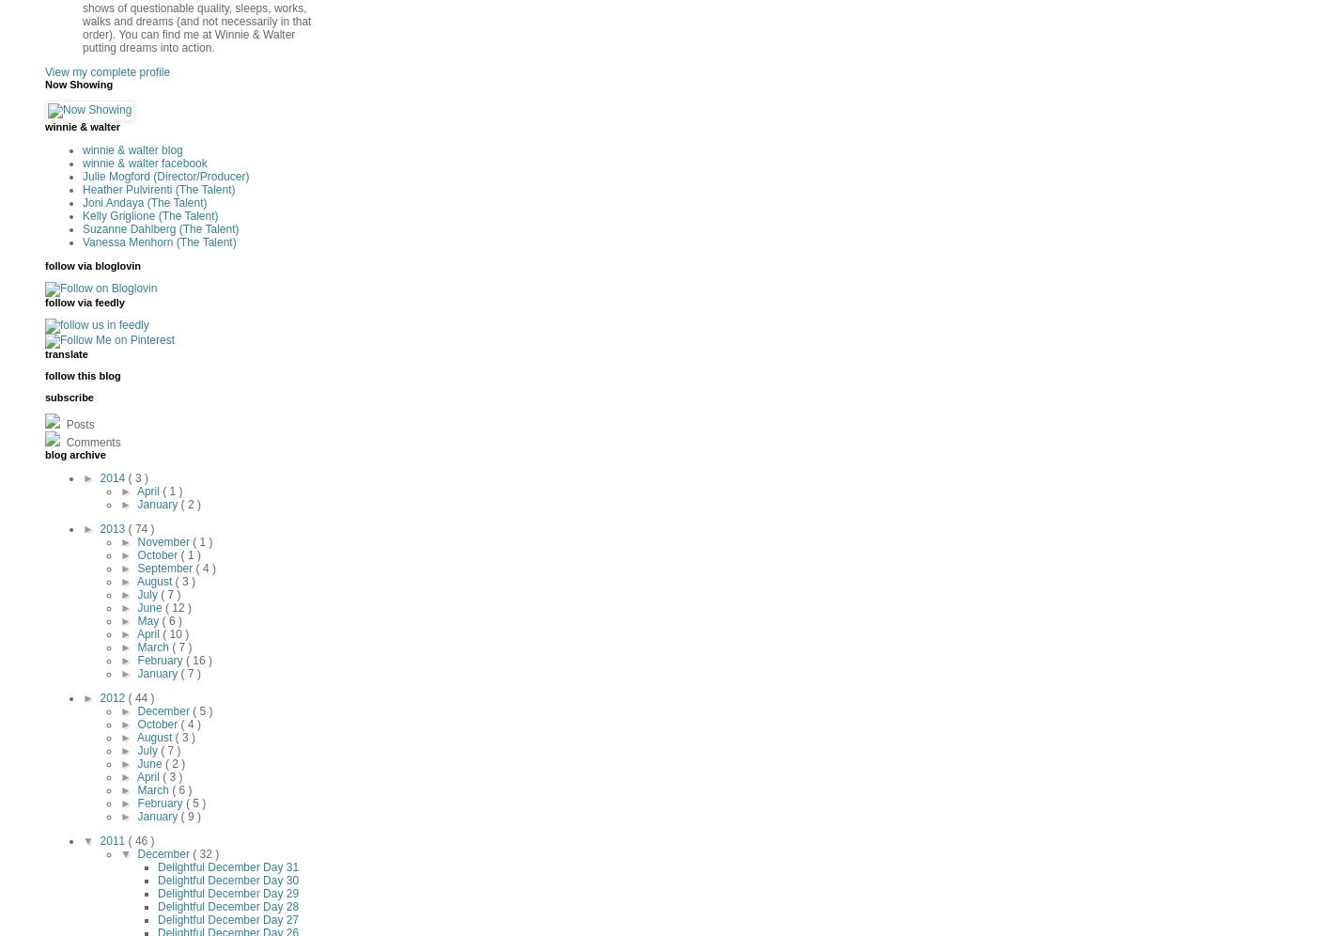  Describe the element at coordinates (74, 453) in the screenshot. I see `'blog archive'` at that location.